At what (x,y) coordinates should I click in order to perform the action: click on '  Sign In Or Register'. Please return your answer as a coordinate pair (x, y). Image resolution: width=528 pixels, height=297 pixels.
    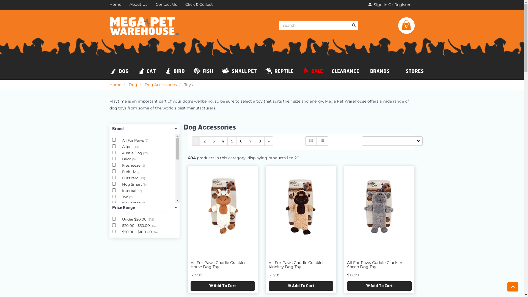
    Looking at the image, I should click on (389, 5).